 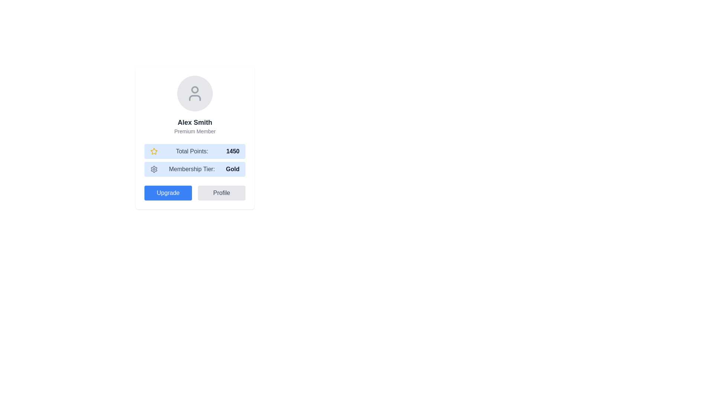 What do you see at coordinates (192, 151) in the screenshot?
I see `text label displaying 'Total Points:' which is positioned between a yellow star icon and the text '1450'` at bounding box center [192, 151].